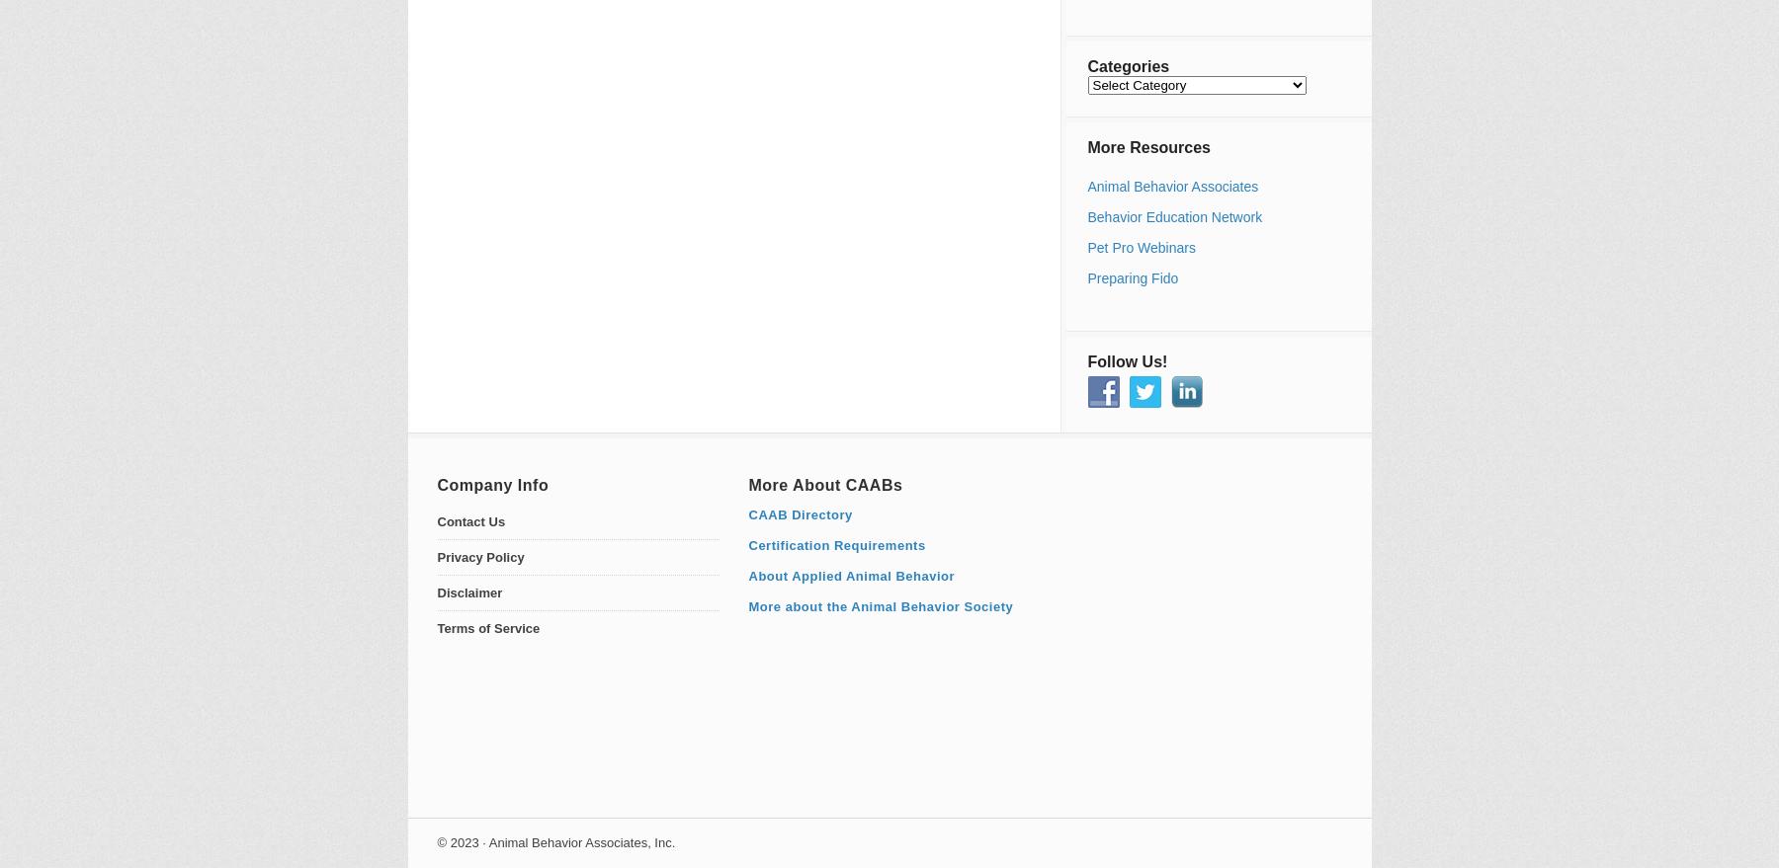 The width and height of the screenshot is (1779, 868). What do you see at coordinates (437, 842) in the screenshot?
I see `'© 2023 · Animal Behavior Associates, Inc.'` at bounding box center [437, 842].